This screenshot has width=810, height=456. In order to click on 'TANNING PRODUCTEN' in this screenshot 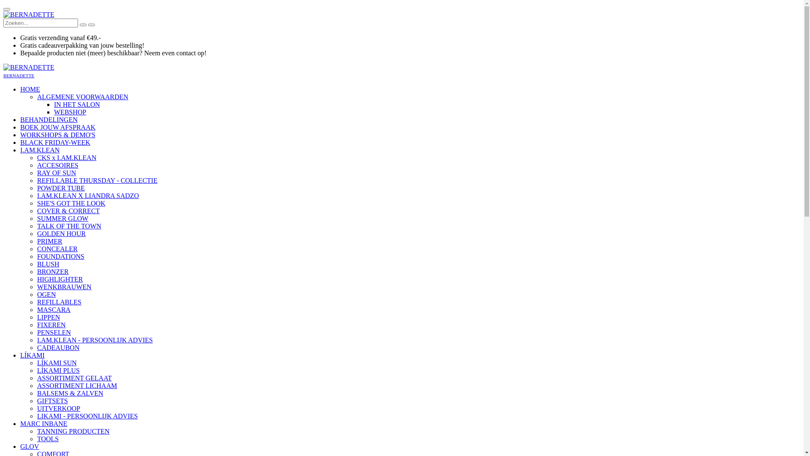, I will do `click(73, 431)`.